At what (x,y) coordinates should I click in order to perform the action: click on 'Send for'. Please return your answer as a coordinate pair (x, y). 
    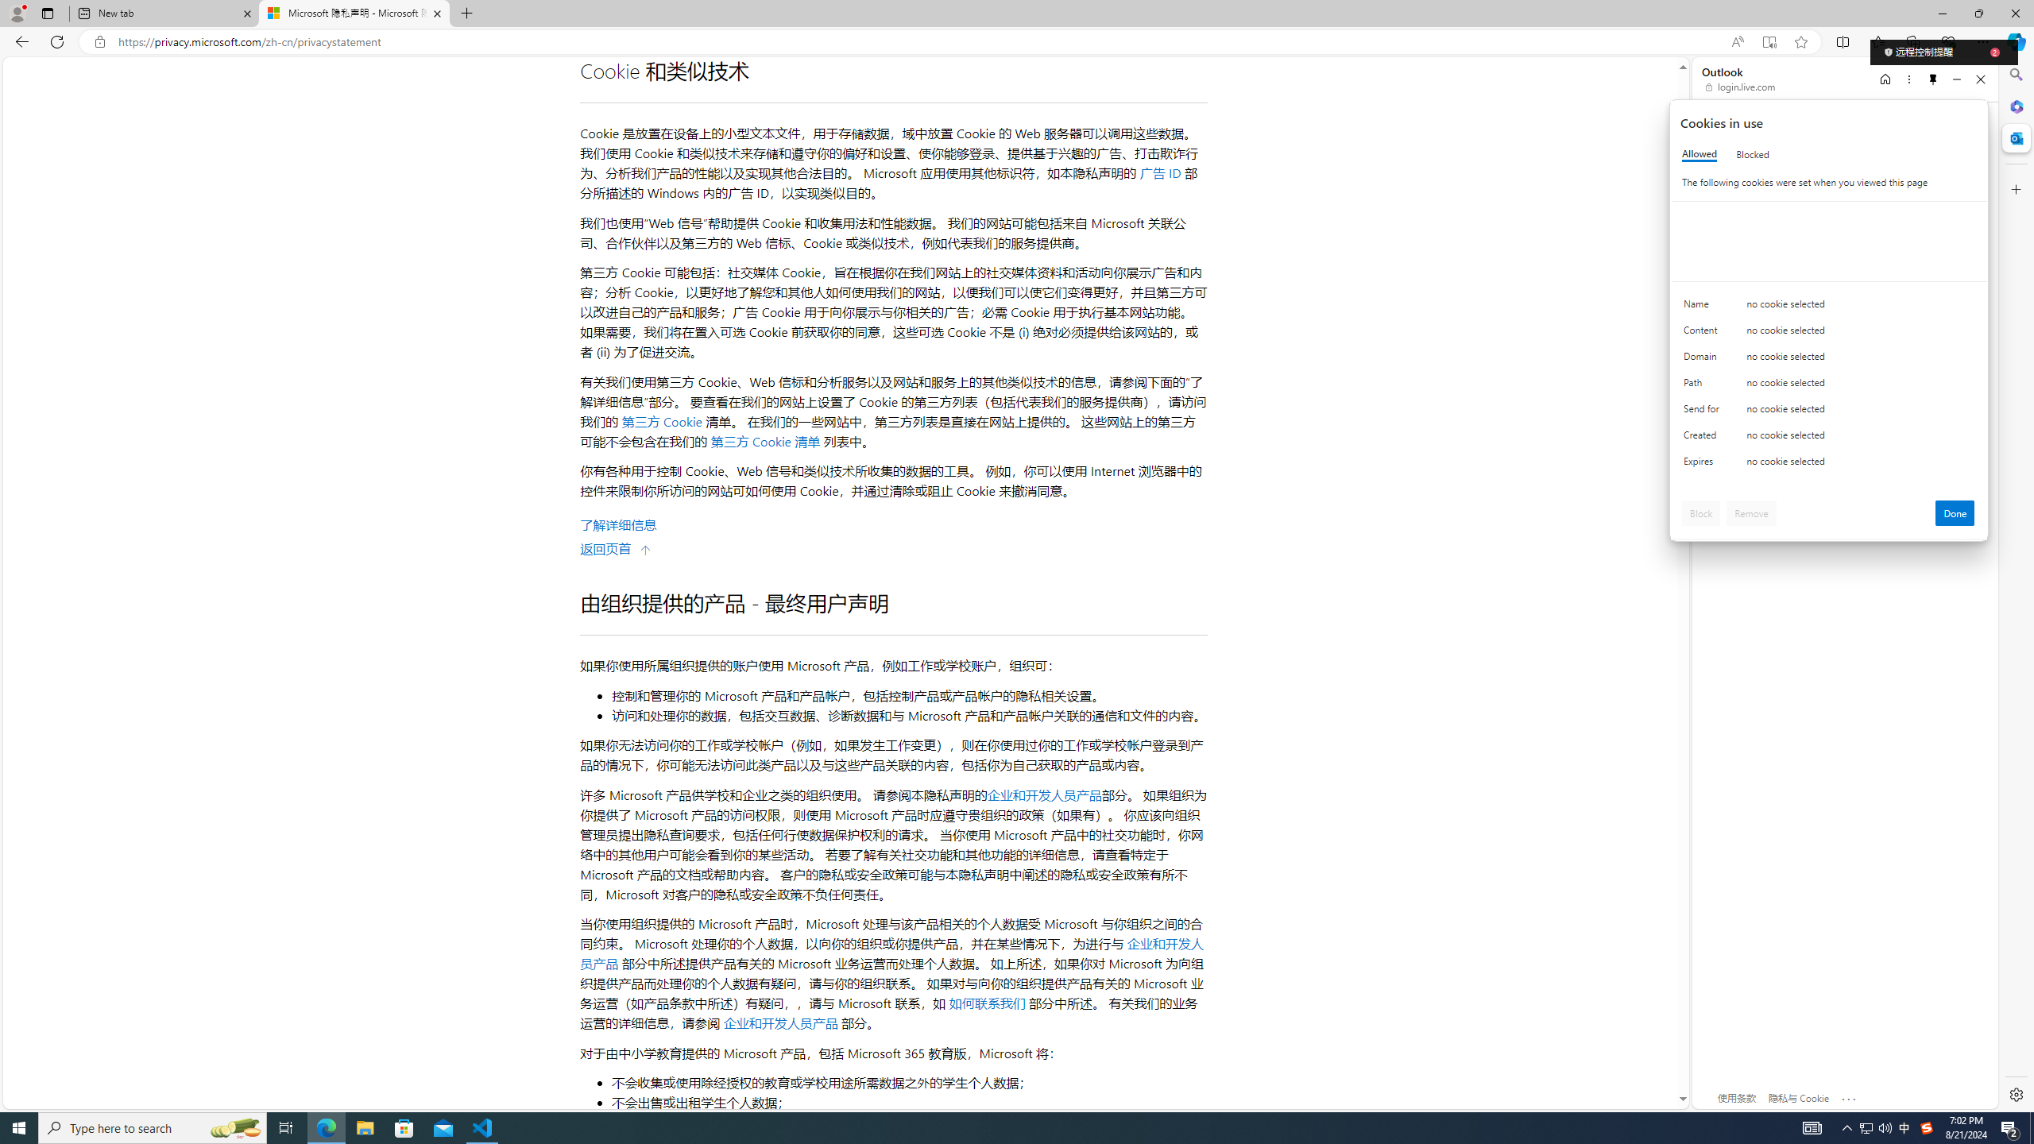
    Looking at the image, I should click on (1703, 412).